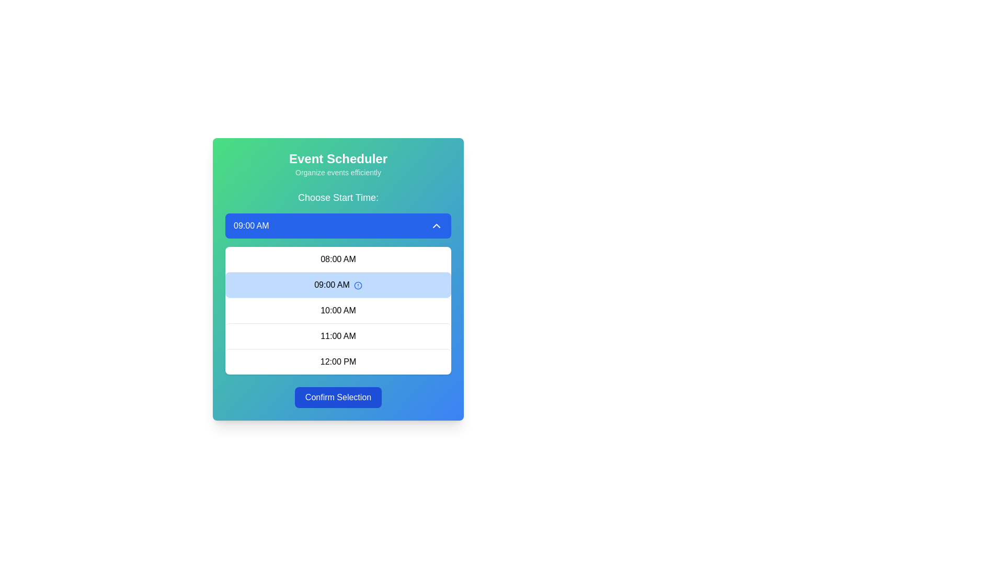 The height and width of the screenshot is (565, 1004). Describe the element at coordinates (338, 159) in the screenshot. I see `the text label that reads 'Event Scheduler' displayed in large, bold white font within the teal-blue gradient background header` at that location.